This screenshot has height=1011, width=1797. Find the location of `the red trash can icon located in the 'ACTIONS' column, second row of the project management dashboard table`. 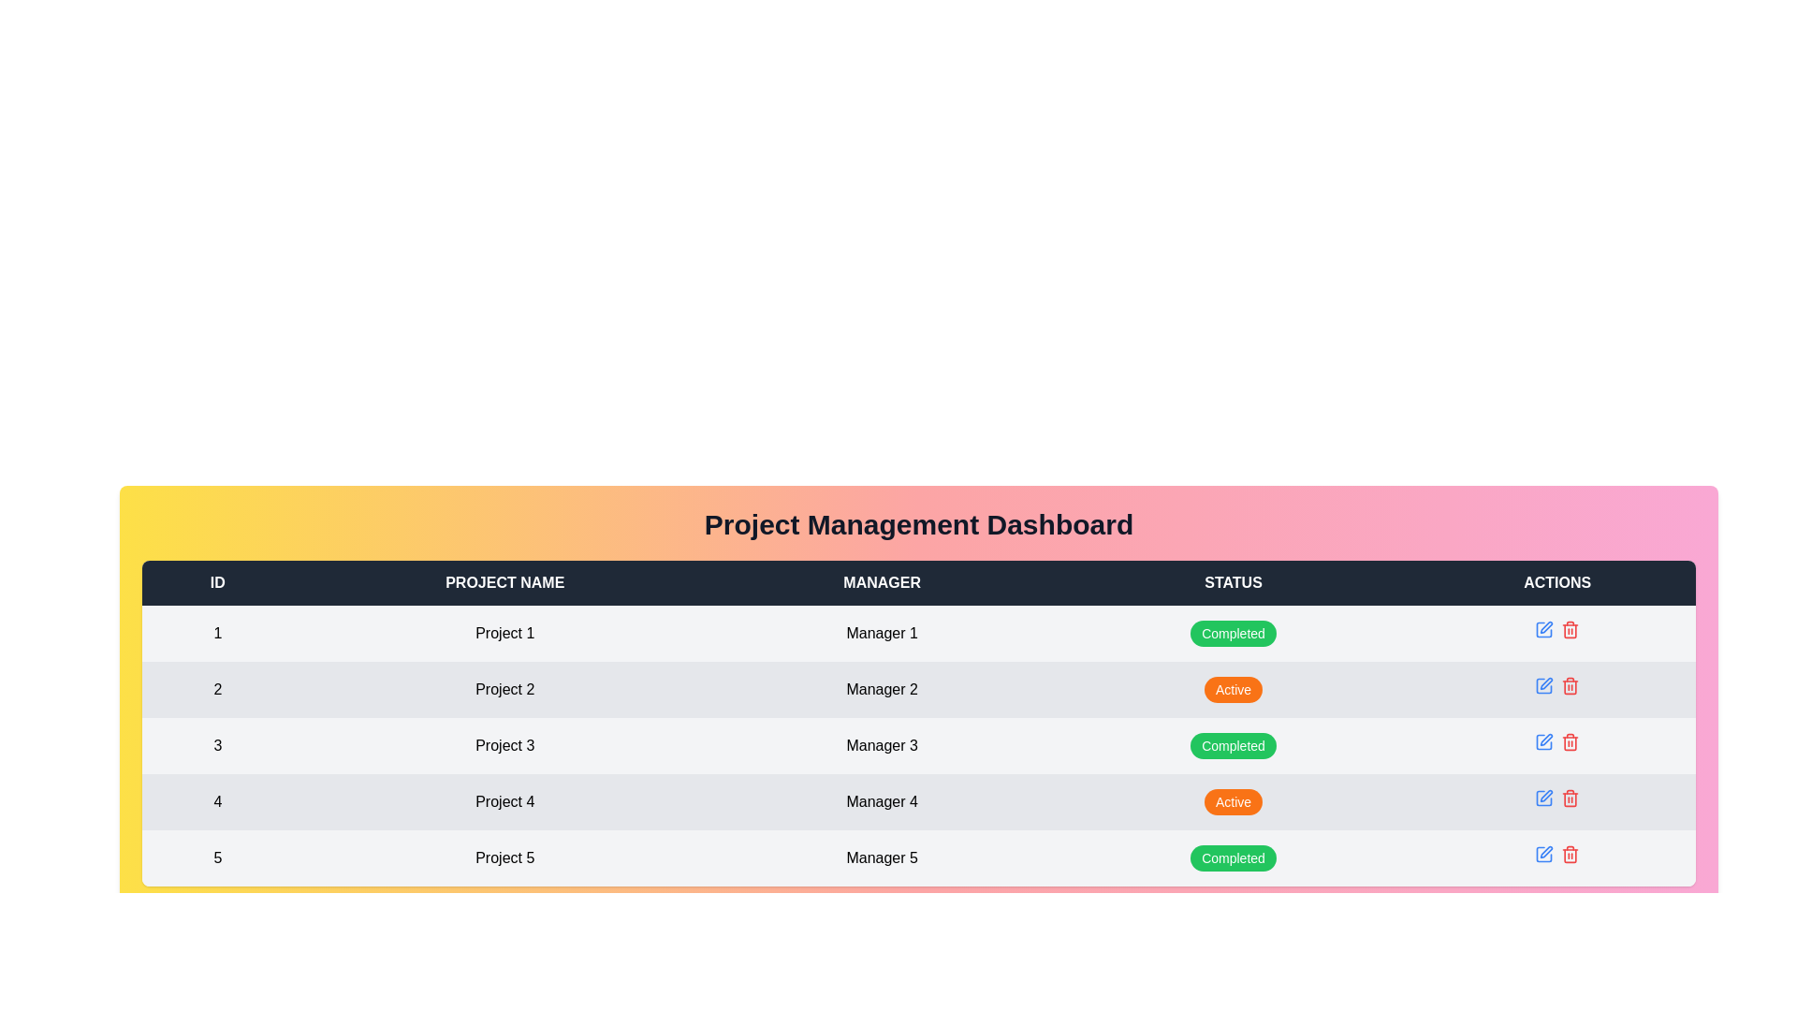

the red trash can icon located in the 'ACTIONS' column, second row of the project management dashboard table is located at coordinates (1571, 685).